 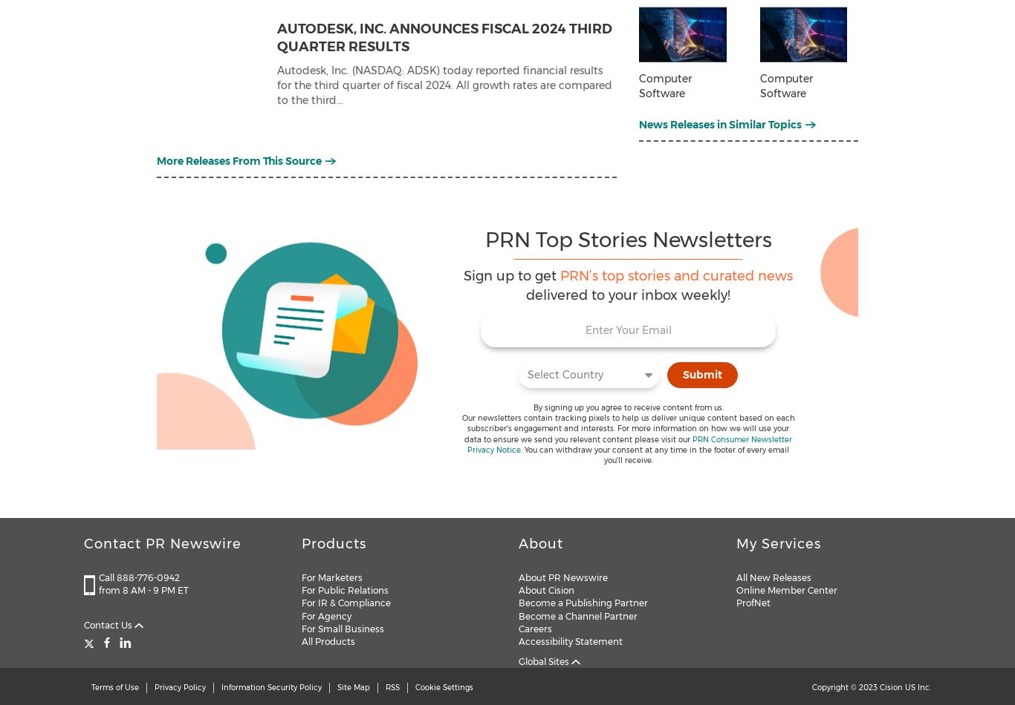 I want to click on 'About', so click(x=519, y=543).